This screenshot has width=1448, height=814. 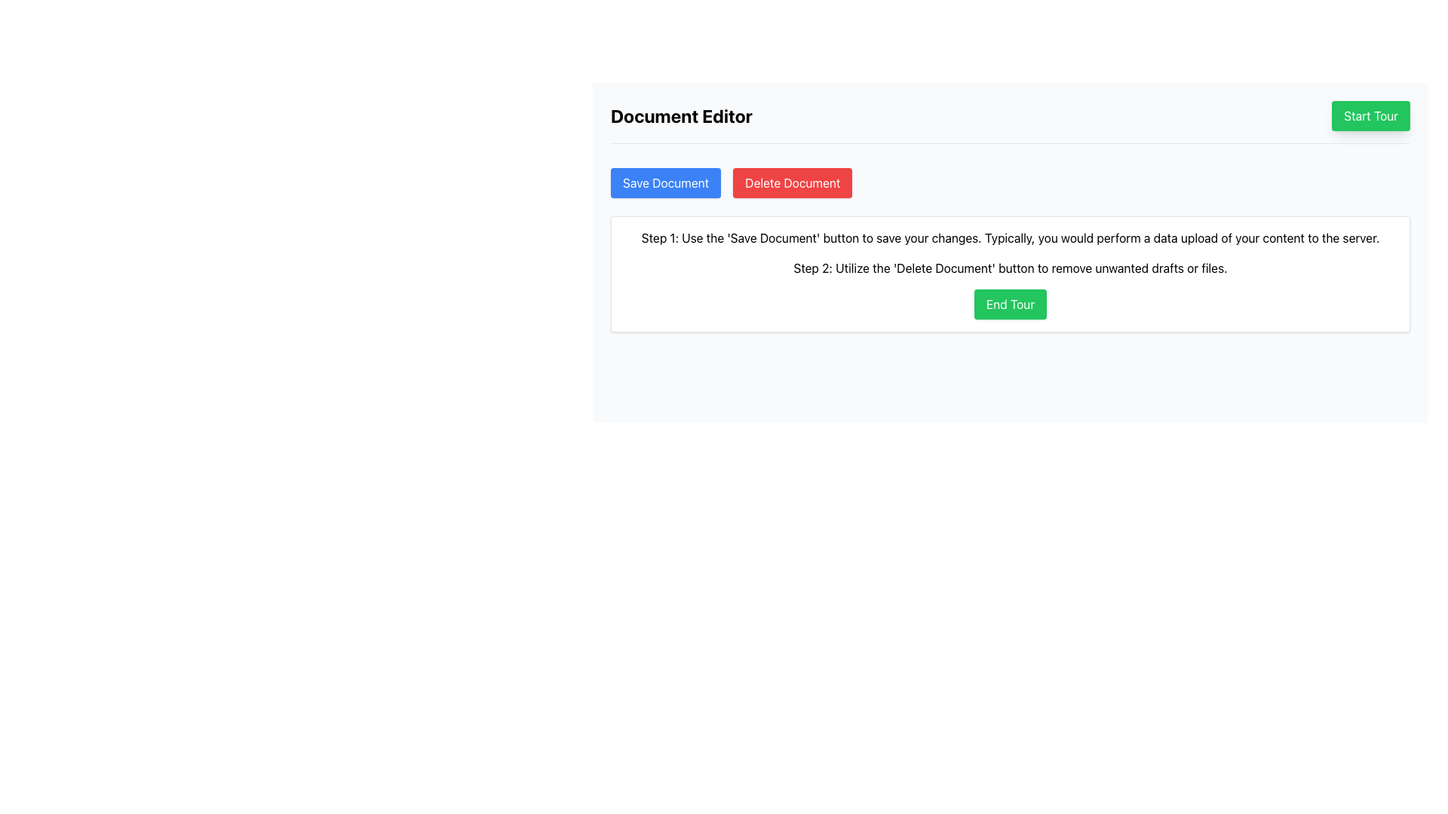 I want to click on the leftmost blue button labeled 'Save Document', so click(x=665, y=182).